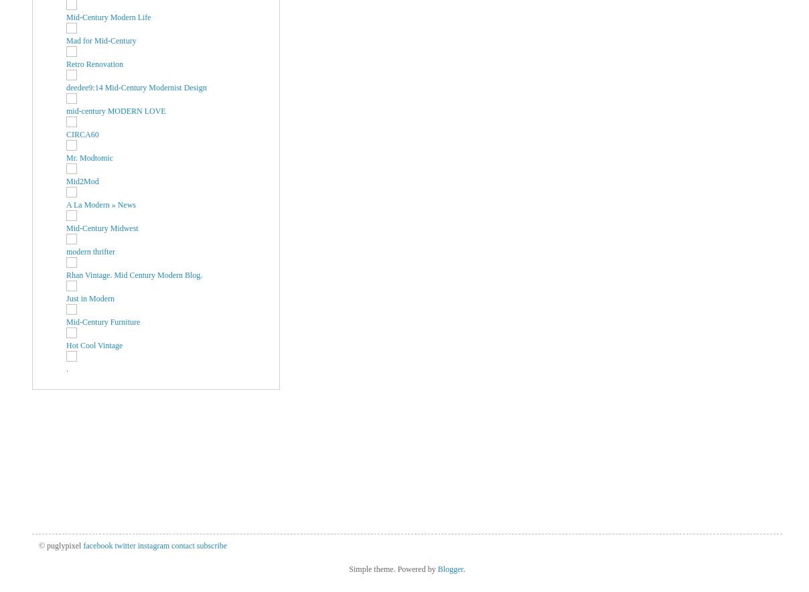 The height and width of the screenshot is (592, 809). Describe the element at coordinates (66, 250) in the screenshot. I see `'modern thrifter'` at that location.